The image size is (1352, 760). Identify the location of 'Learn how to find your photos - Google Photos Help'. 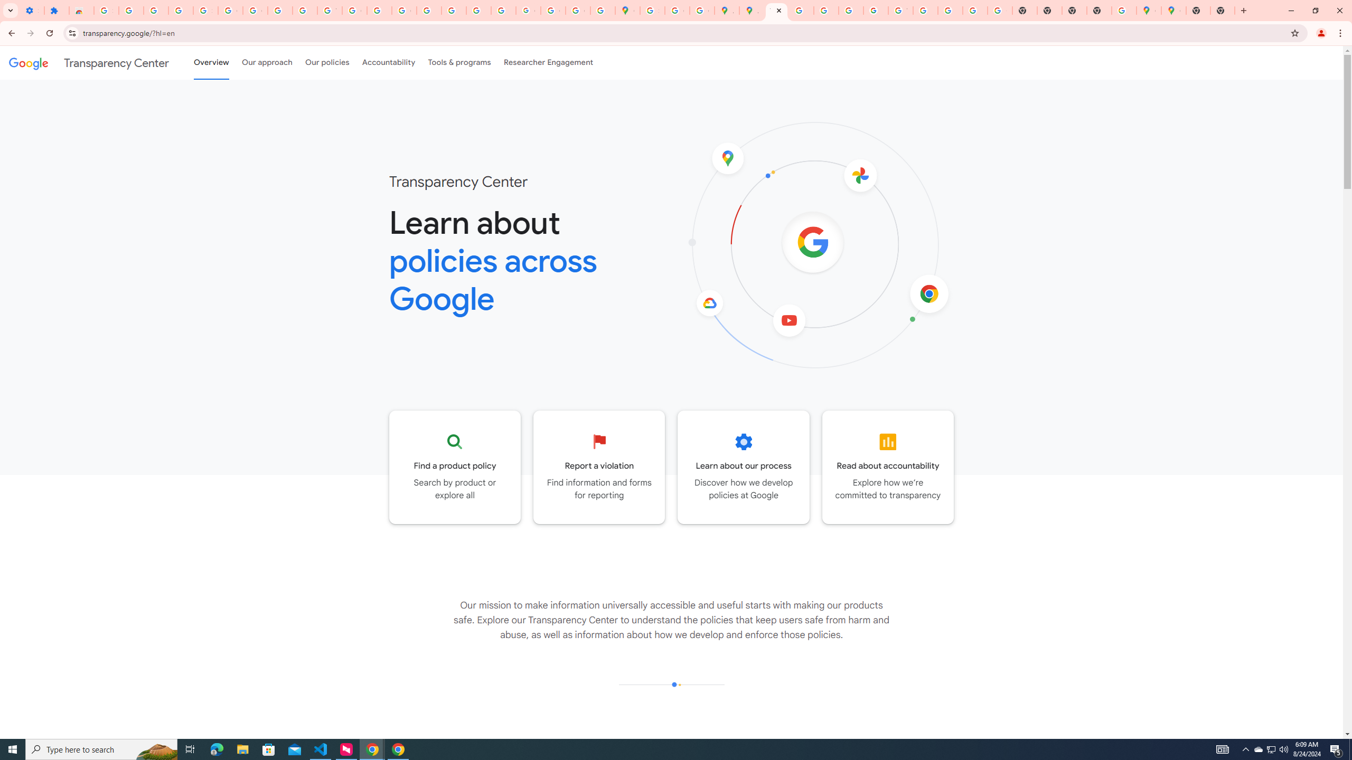
(155, 10).